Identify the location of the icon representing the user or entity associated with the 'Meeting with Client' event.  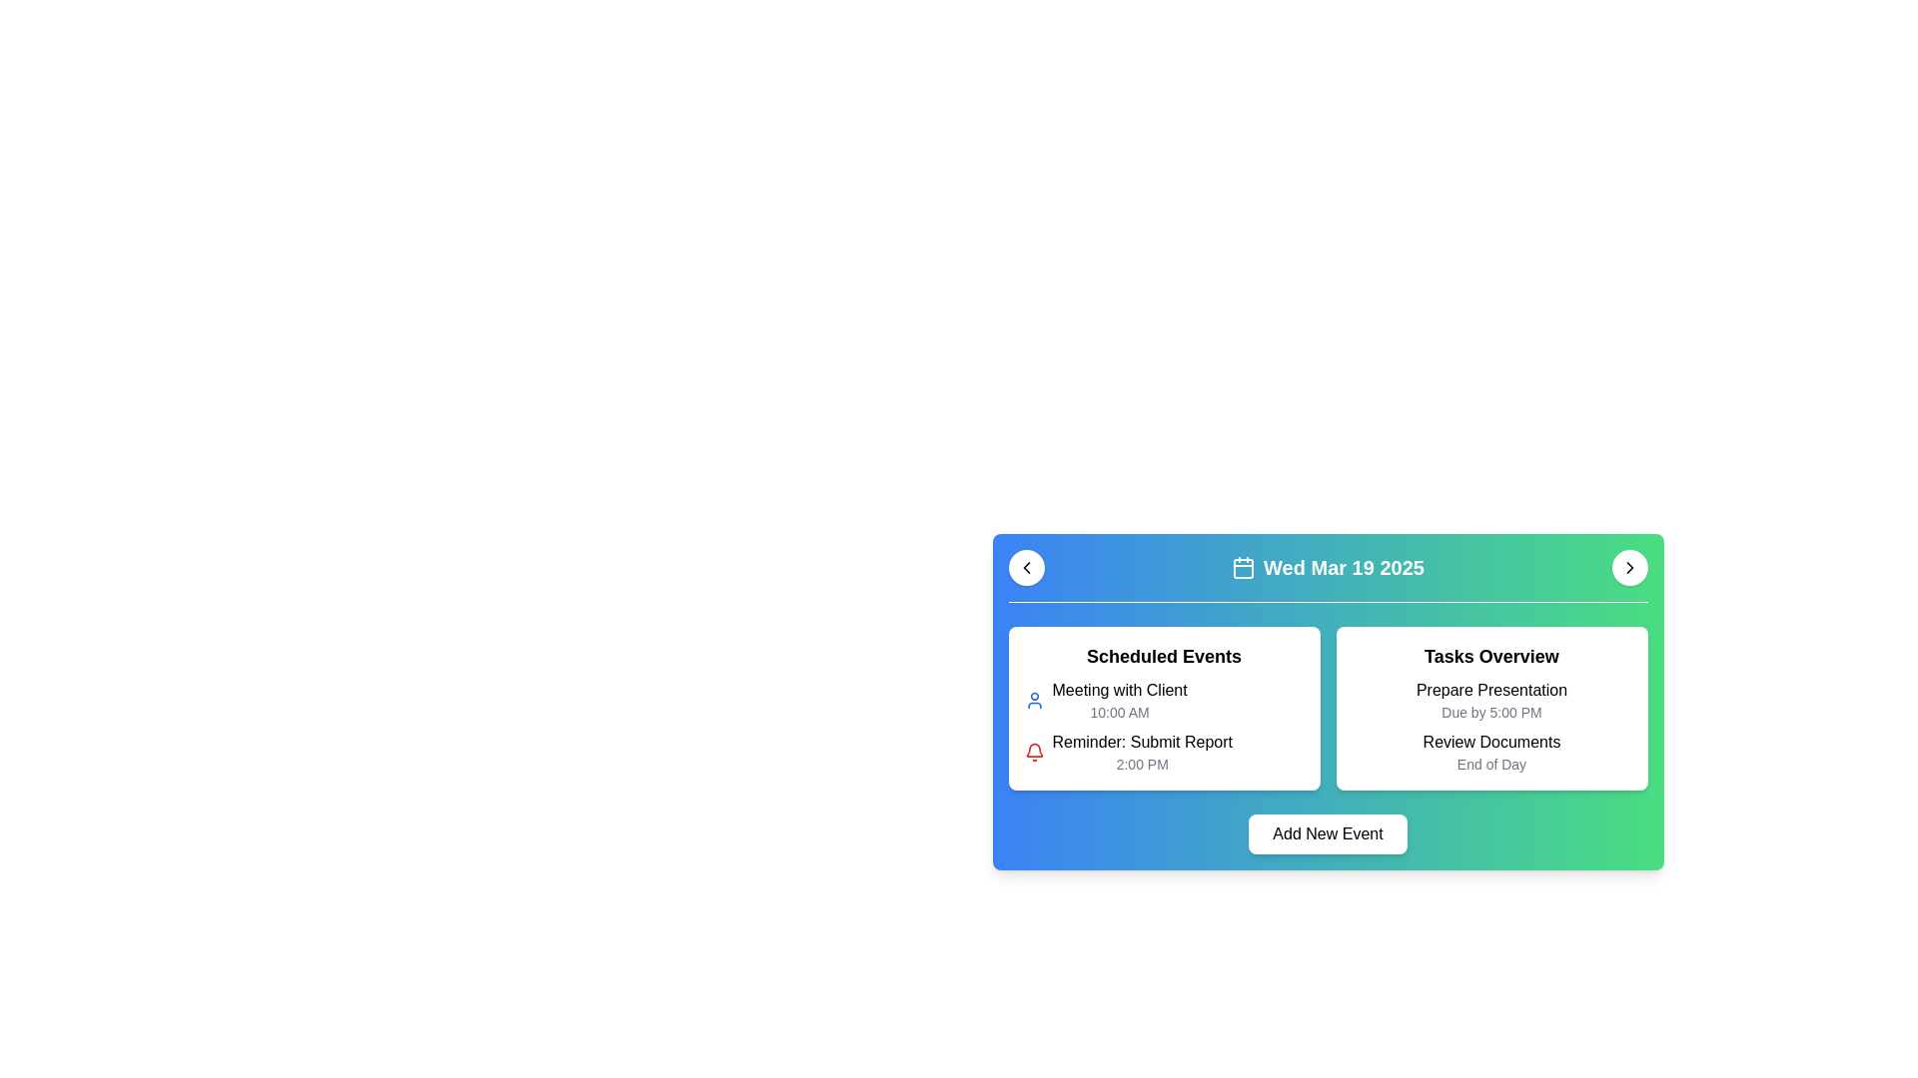
(1034, 700).